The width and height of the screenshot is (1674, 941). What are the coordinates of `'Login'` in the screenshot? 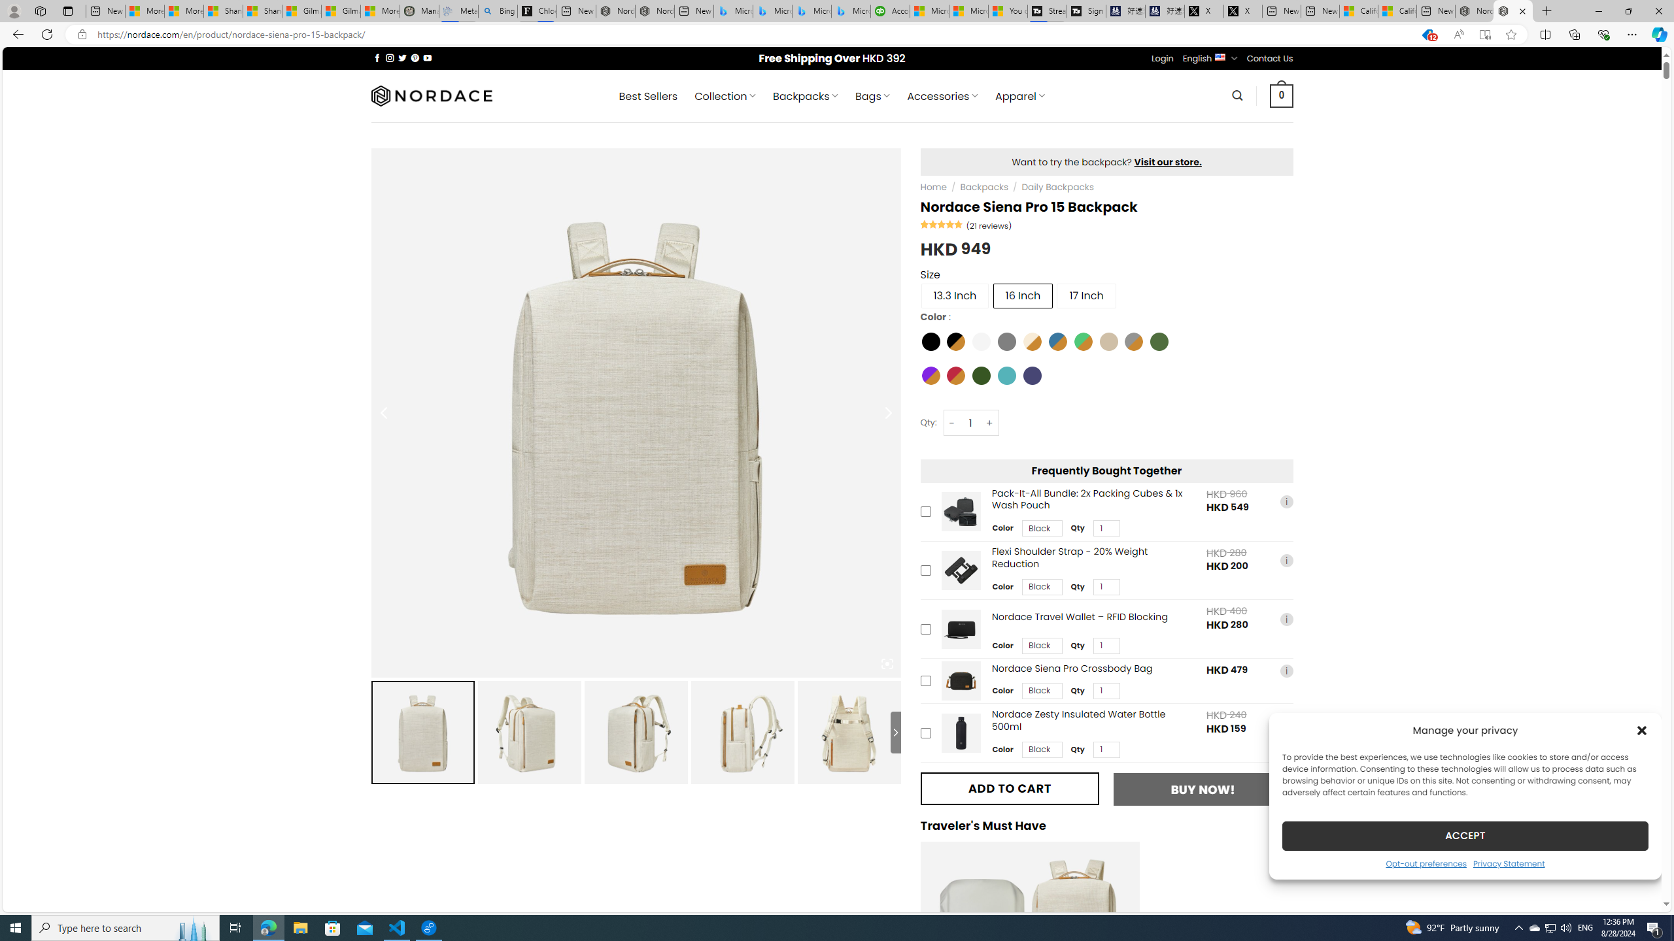 It's located at (1162, 58).